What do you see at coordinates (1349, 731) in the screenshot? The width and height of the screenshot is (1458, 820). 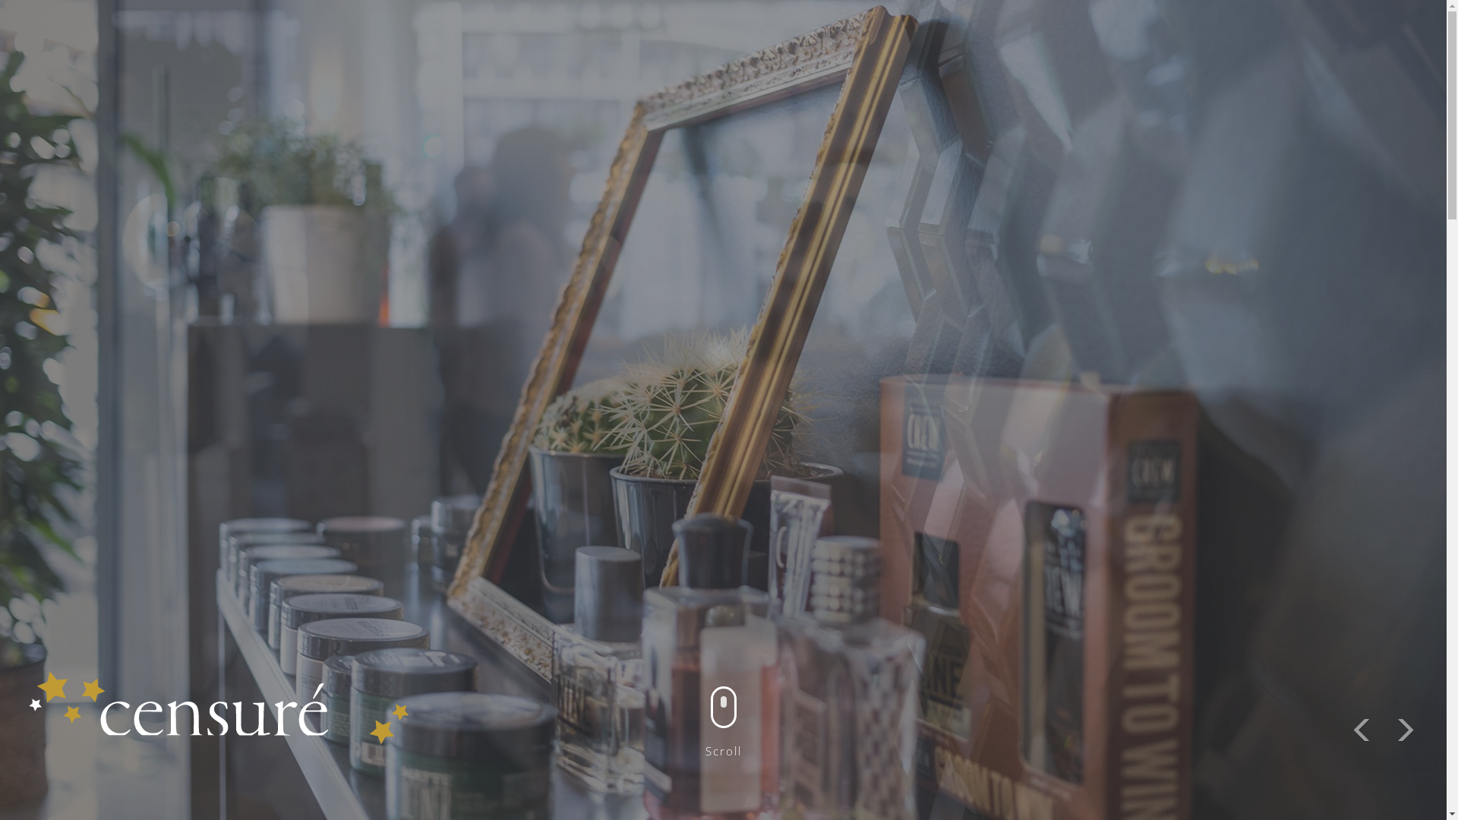 I see `'Previous'` at bounding box center [1349, 731].